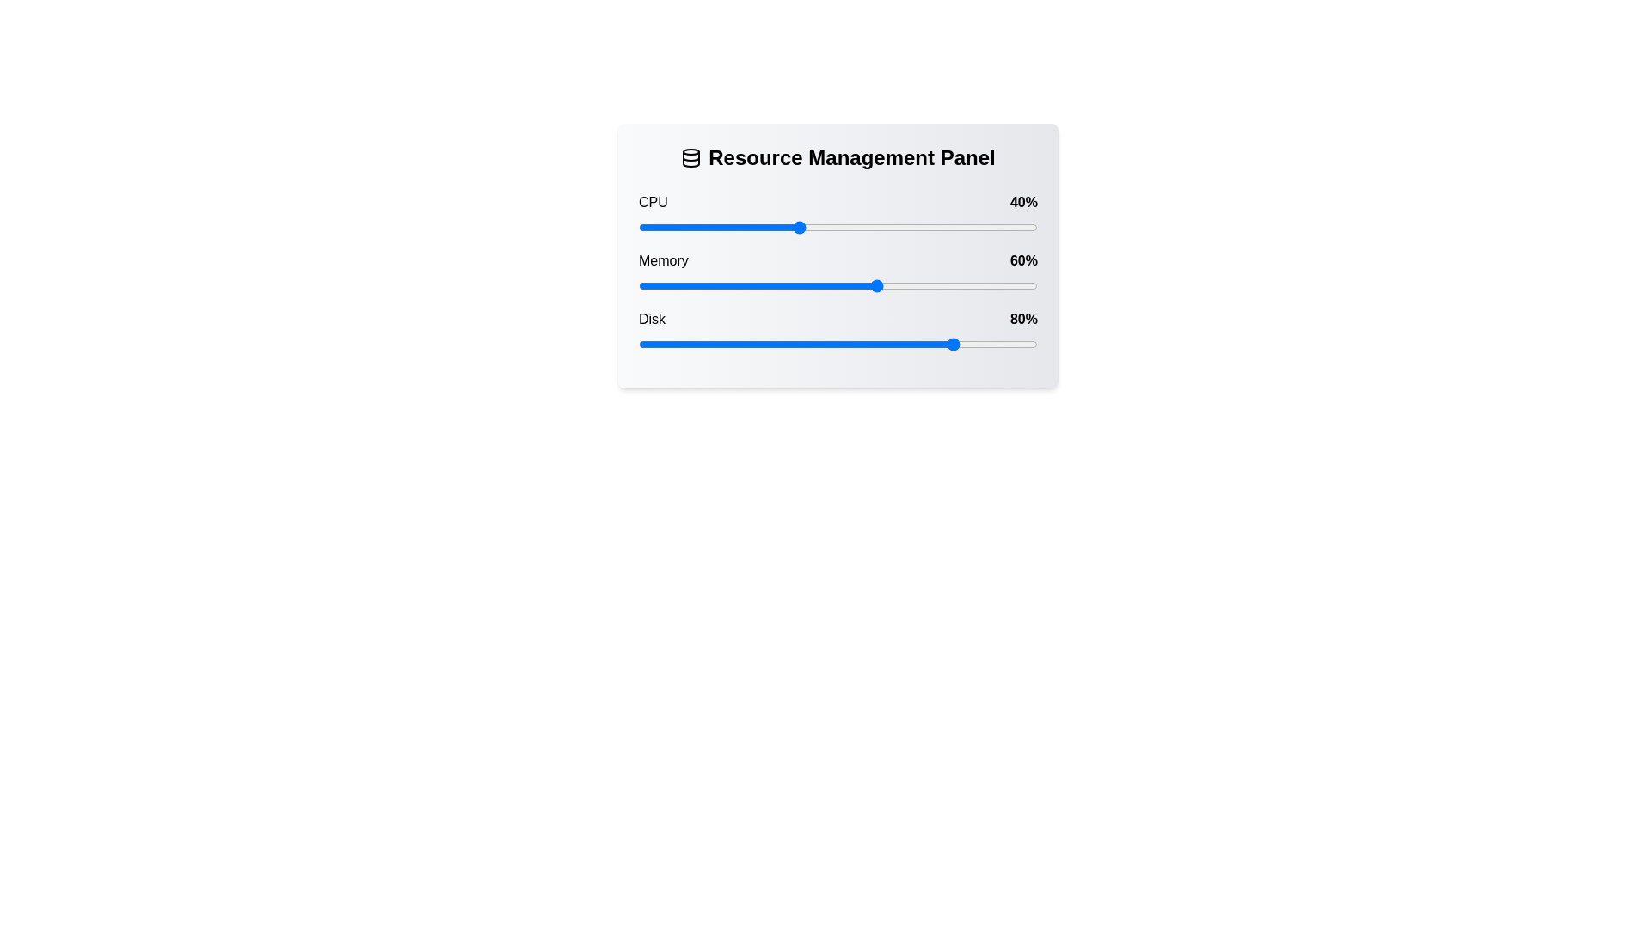 The height and width of the screenshot is (928, 1651). Describe the element at coordinates (703, 345) in the screenshot. I see `the Disk slider to set its value to 16%` at that location.